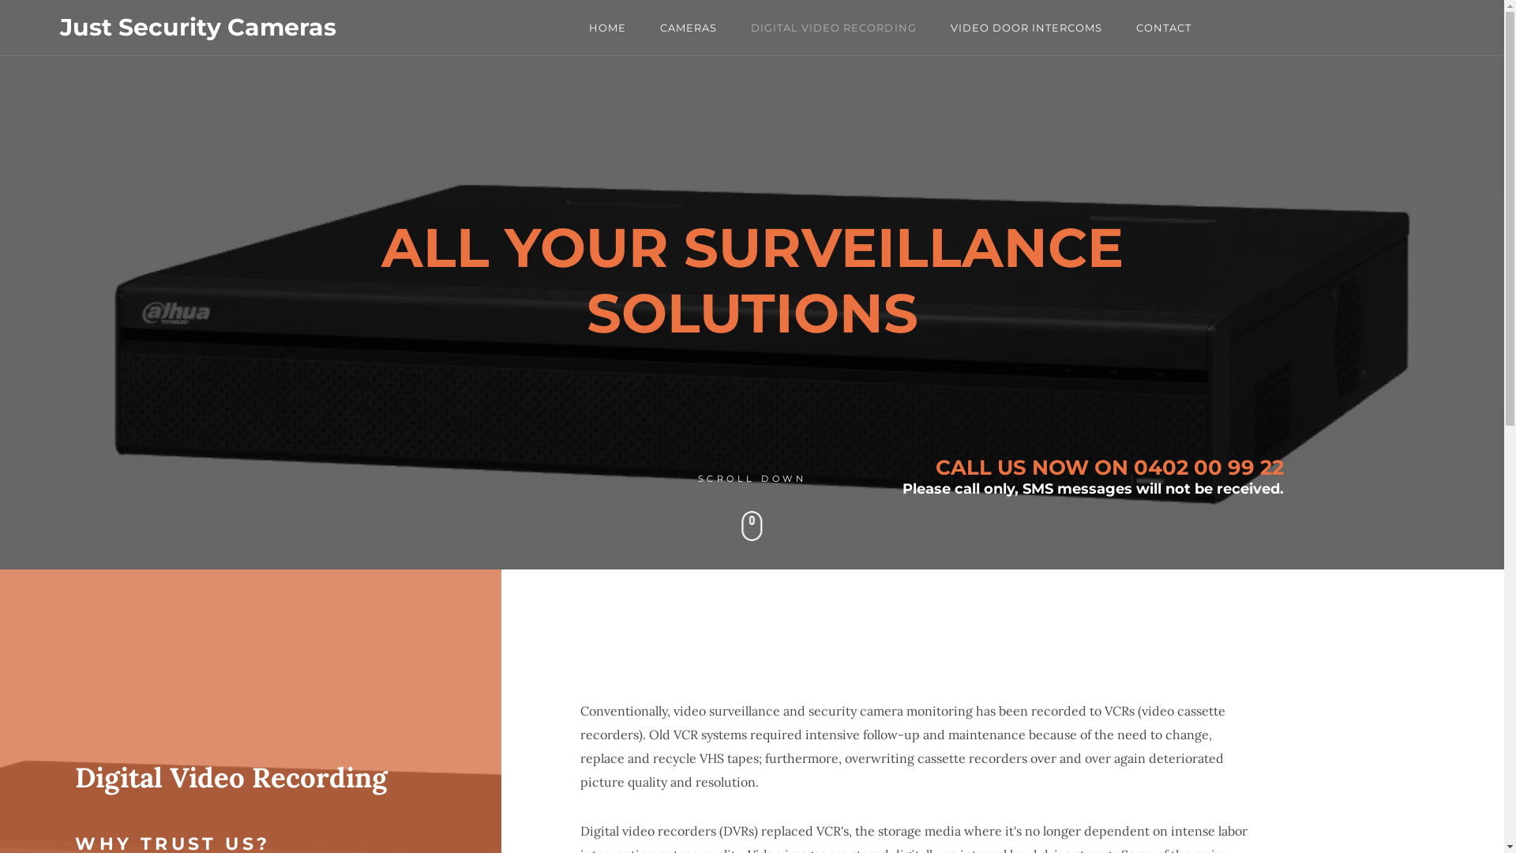  I want to click on 'Just Security Cameras', so click(197, 27).